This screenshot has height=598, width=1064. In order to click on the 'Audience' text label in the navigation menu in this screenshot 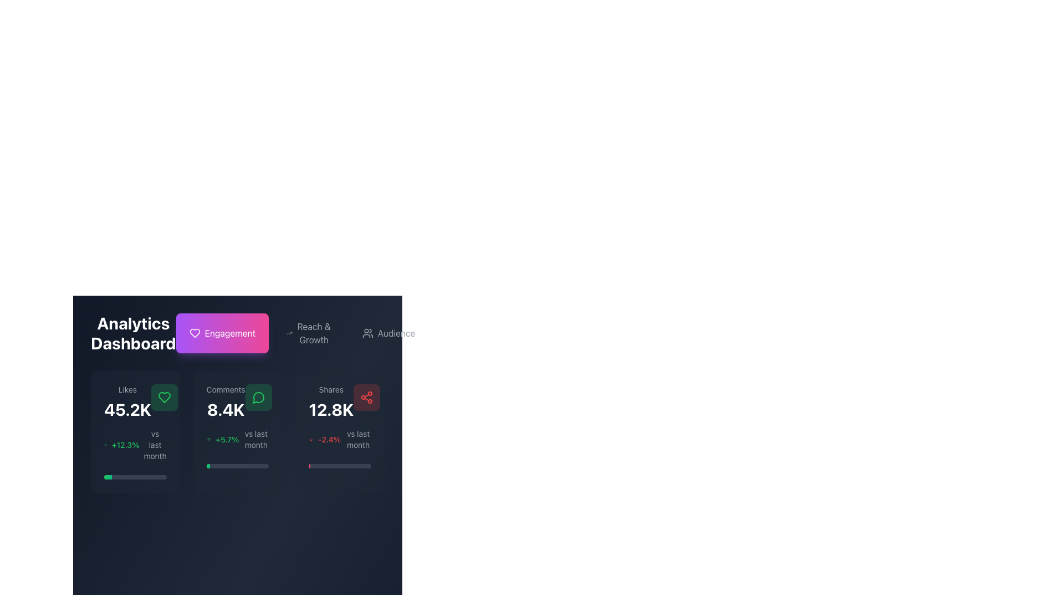, I will do `click(396, 332)`.